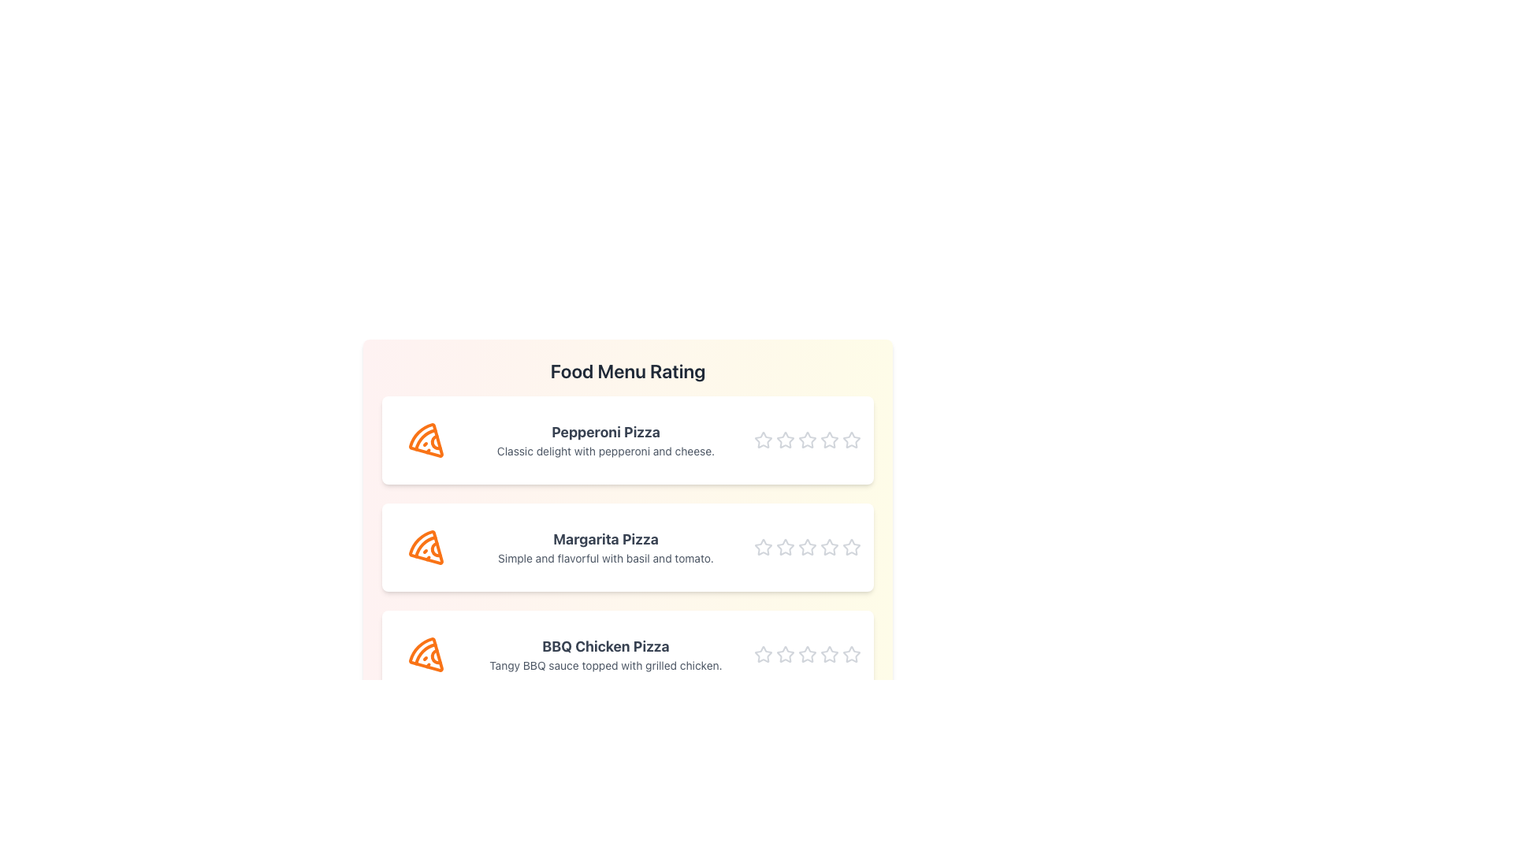  What do you see at coordinates (604, 432) in the screenshot?
I see `text label 'Pepperoni Pizza', which is bold and dark gray, located at the top of the first card in the 'Food Menu Rating' section` at bounding box center [604, 432].